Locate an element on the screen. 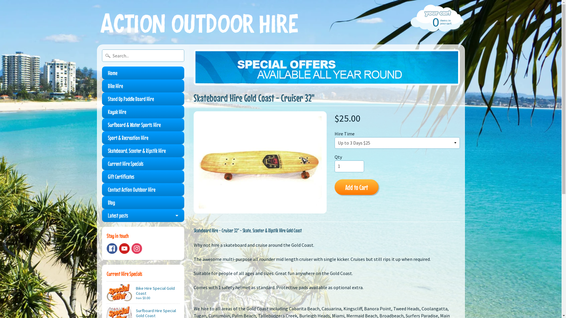 The image size is (566, 318). 'Home' is located at coordinates (102, 72).